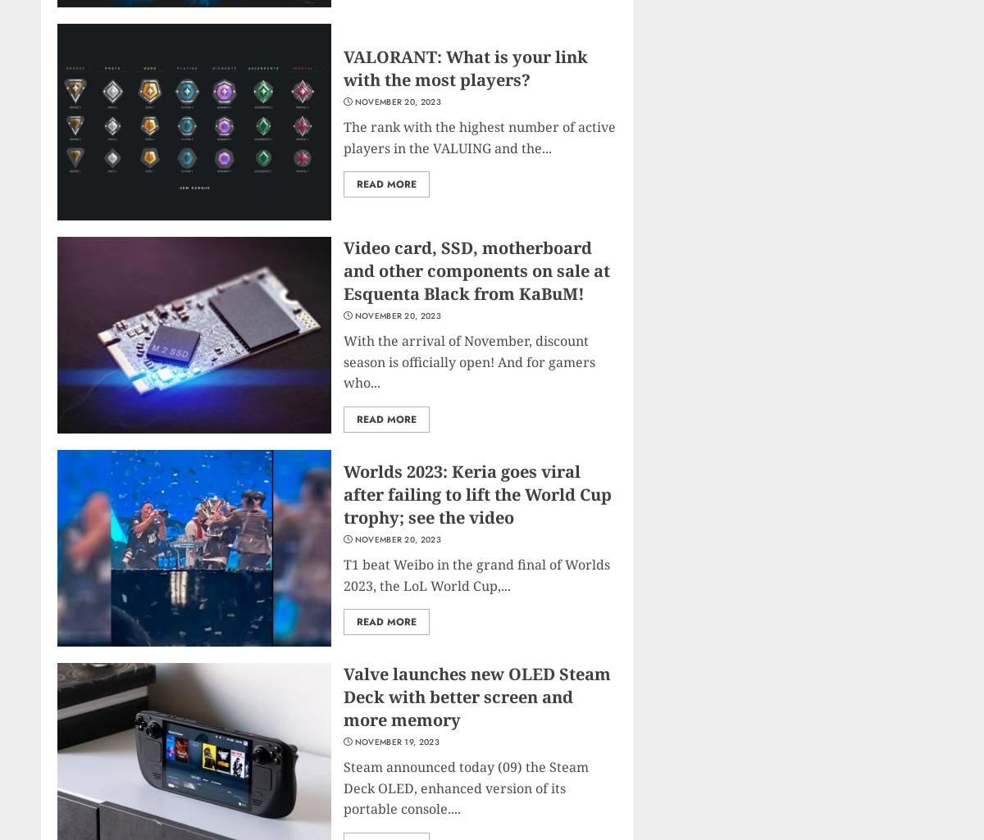 The image size is (984, 840). What do you see at coordinates (476, 574) in the screenshot?
I see `'T1 beat Weibo in the grand final of Worlds 2023, the LoL World Cup,...'` at bounding box center [476, 574].